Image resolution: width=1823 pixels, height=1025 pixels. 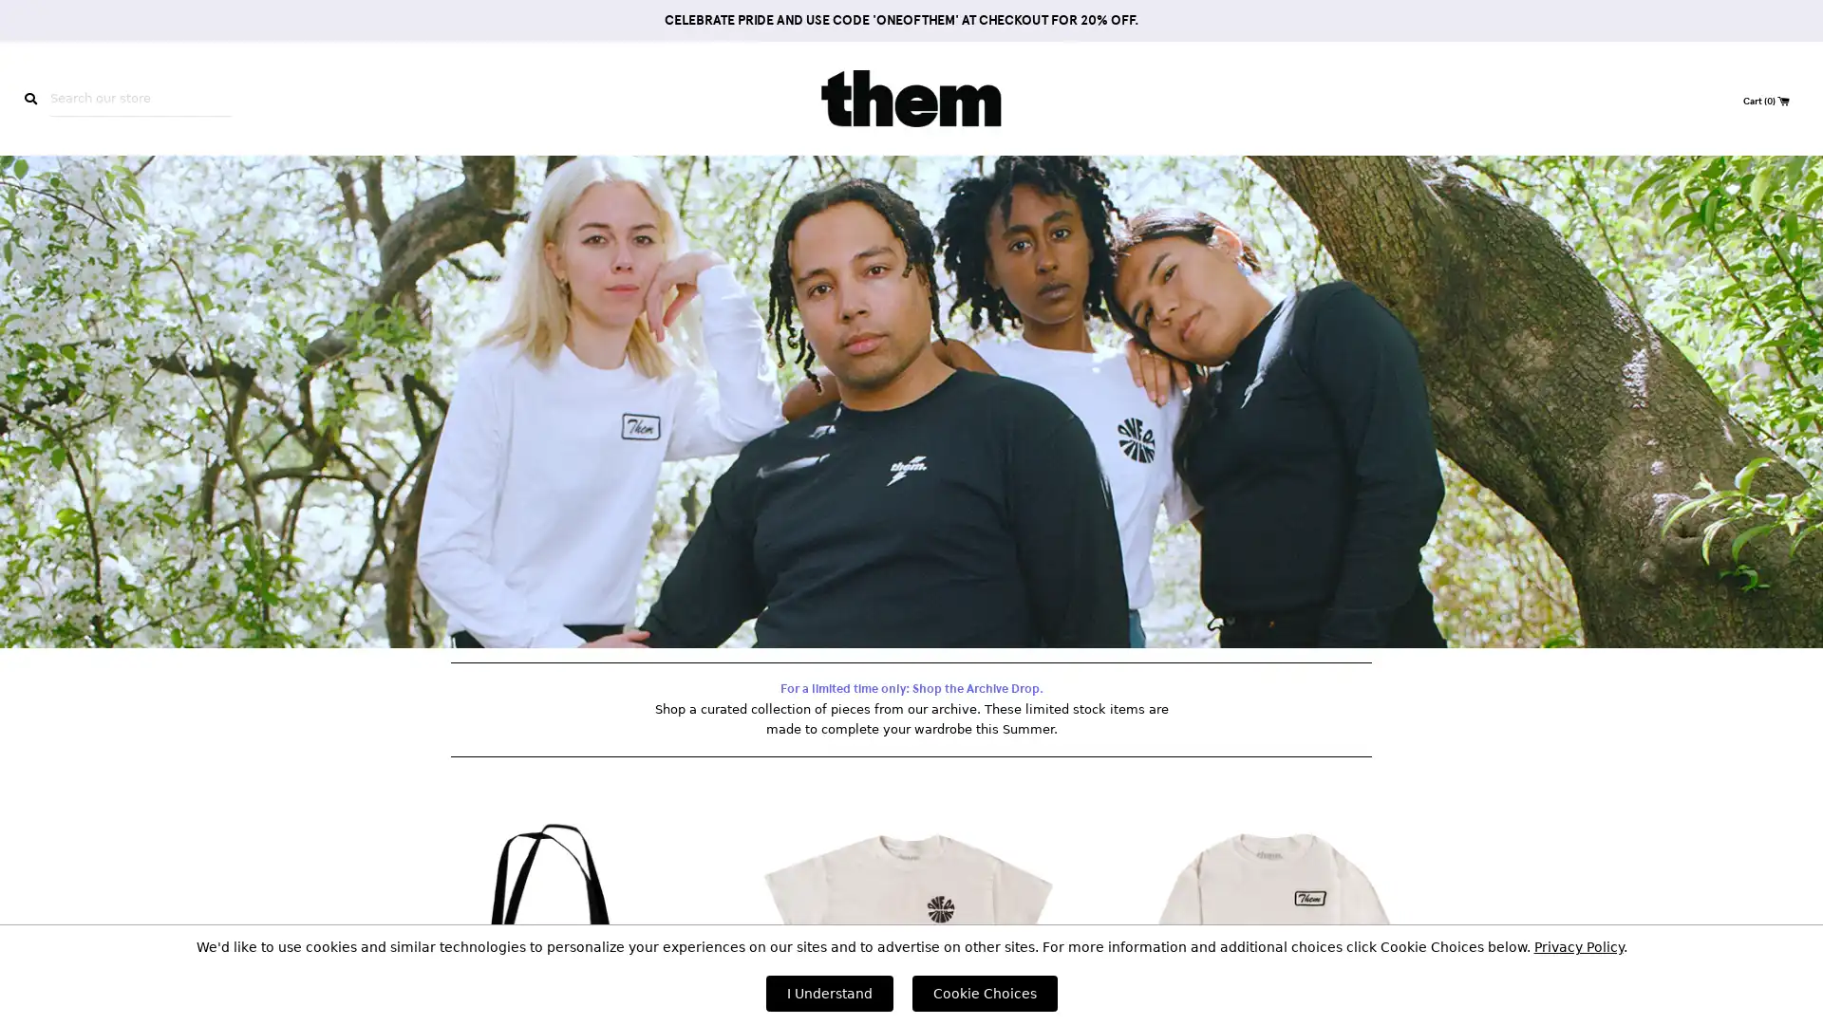 What do you see at coordinates (829, 992) in the screenshot?
I see `I Understand` at bounding box center [829, 992].